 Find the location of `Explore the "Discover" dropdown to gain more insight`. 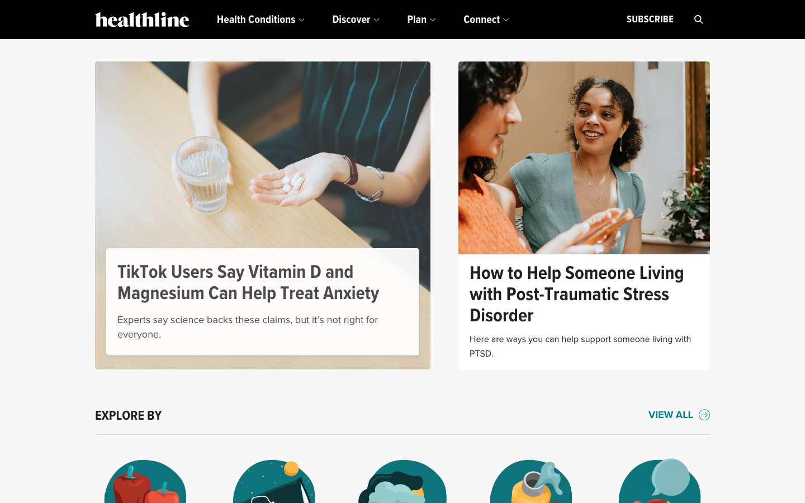

Explore the "Discover" dropdown to gain more insight is located at coordinates (355, 19).